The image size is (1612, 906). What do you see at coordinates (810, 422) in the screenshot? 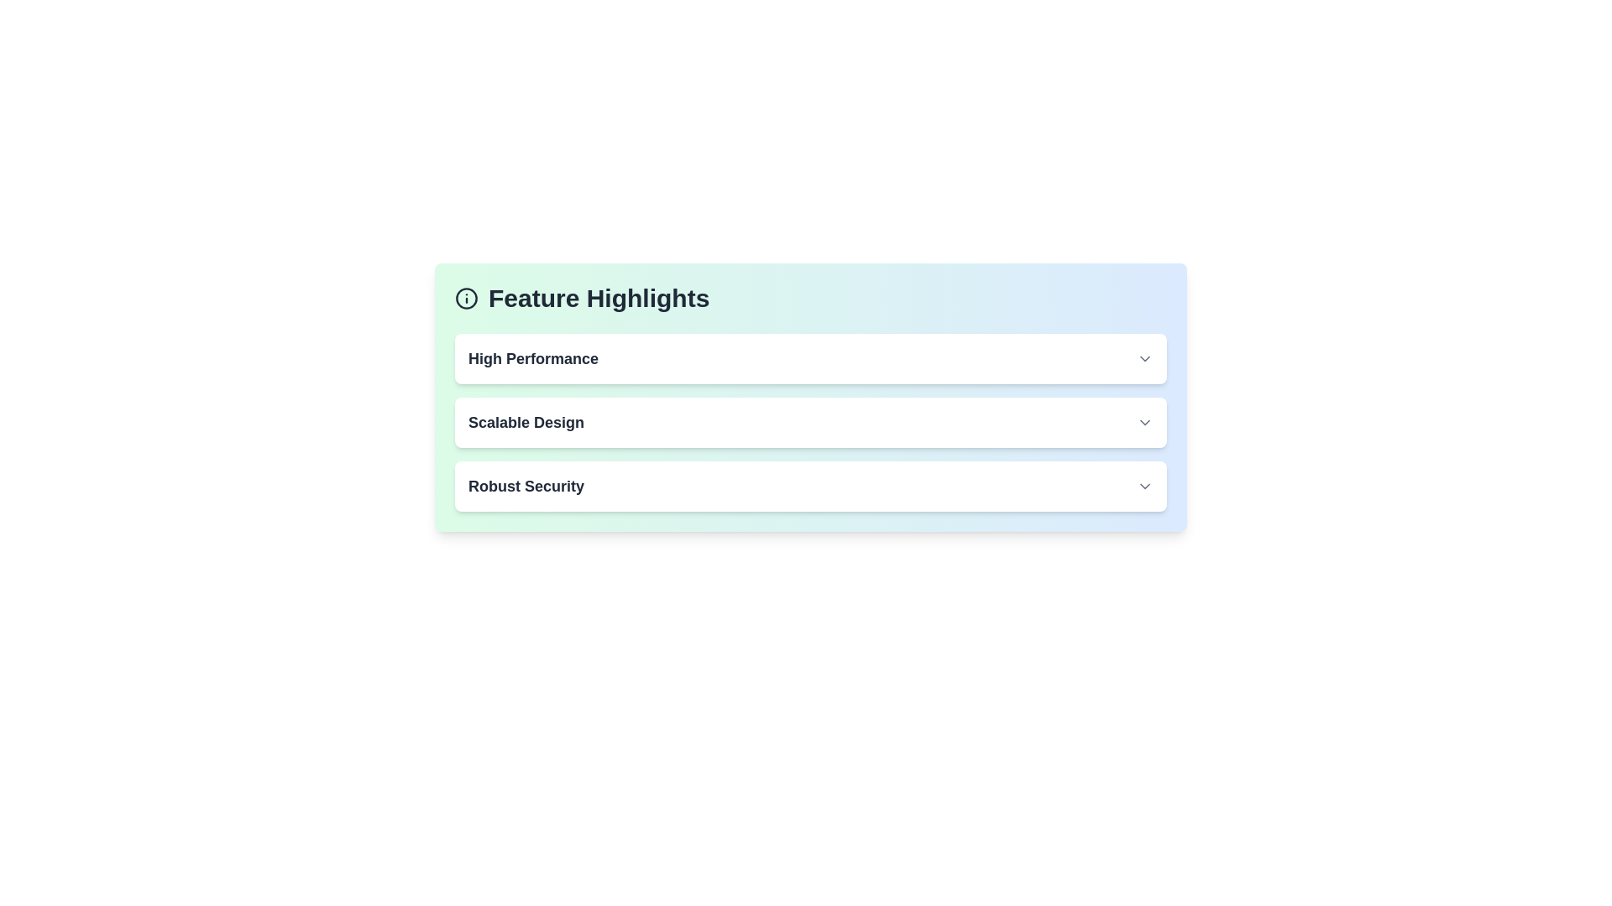
I see `the 'Scalable Design' selectable list item in the dropdown list` at bounding box center [810, 422].